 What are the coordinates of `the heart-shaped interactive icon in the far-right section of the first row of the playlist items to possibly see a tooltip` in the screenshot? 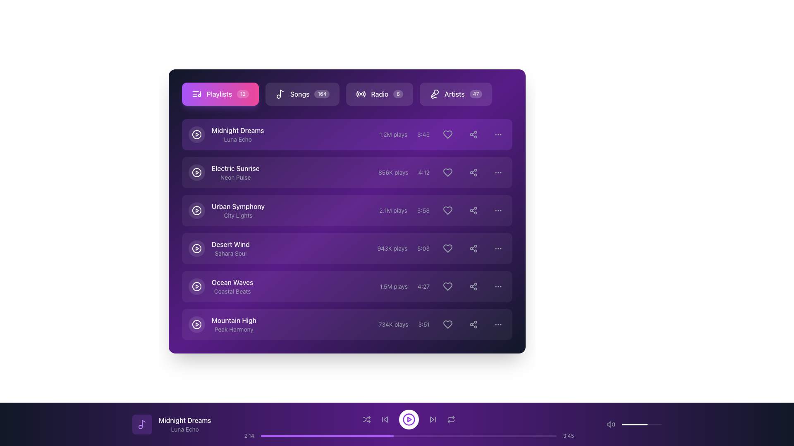 It's located at (447, 134).